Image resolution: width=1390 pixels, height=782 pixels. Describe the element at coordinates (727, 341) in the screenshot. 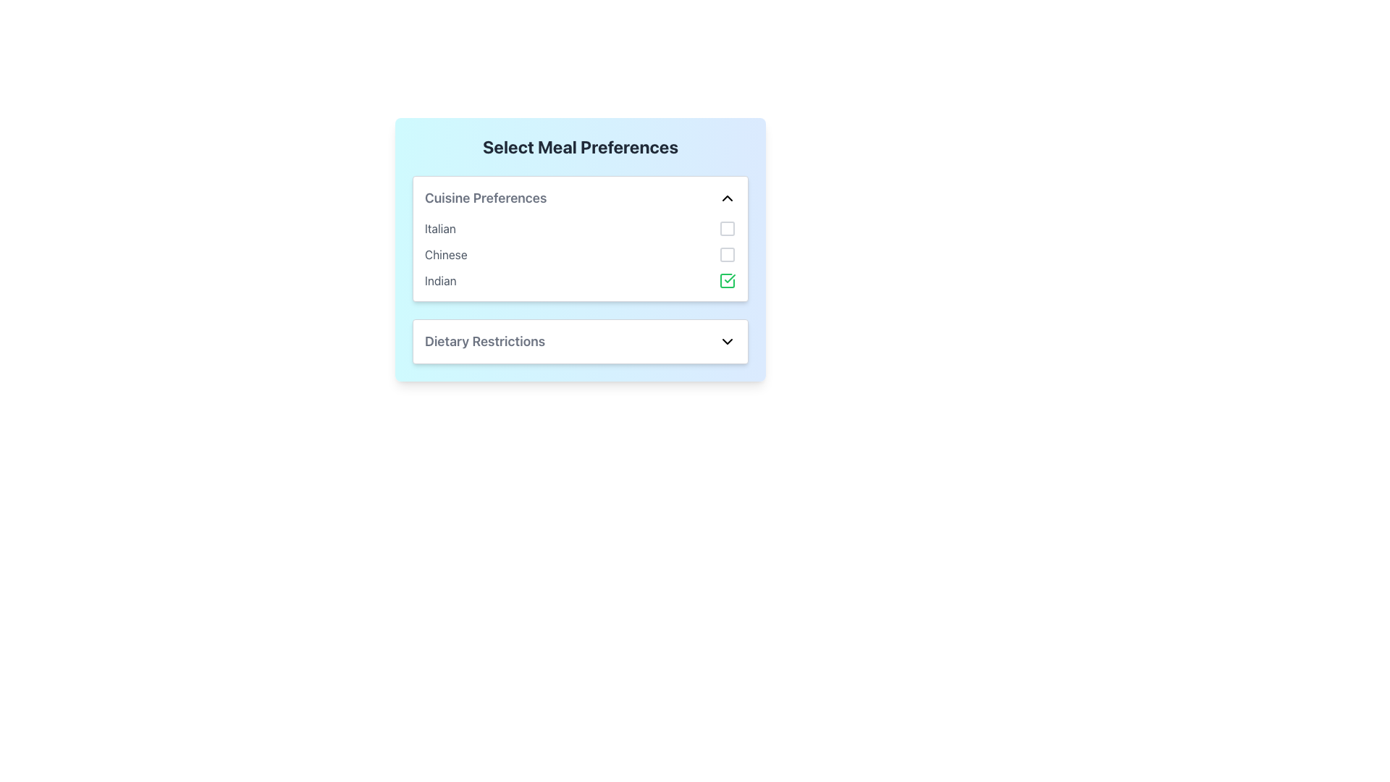

I see `the downward-pointing chevron icon button located at the far right side within the 'Dietary Restrictions' row to observe any interactive effects` at that location.